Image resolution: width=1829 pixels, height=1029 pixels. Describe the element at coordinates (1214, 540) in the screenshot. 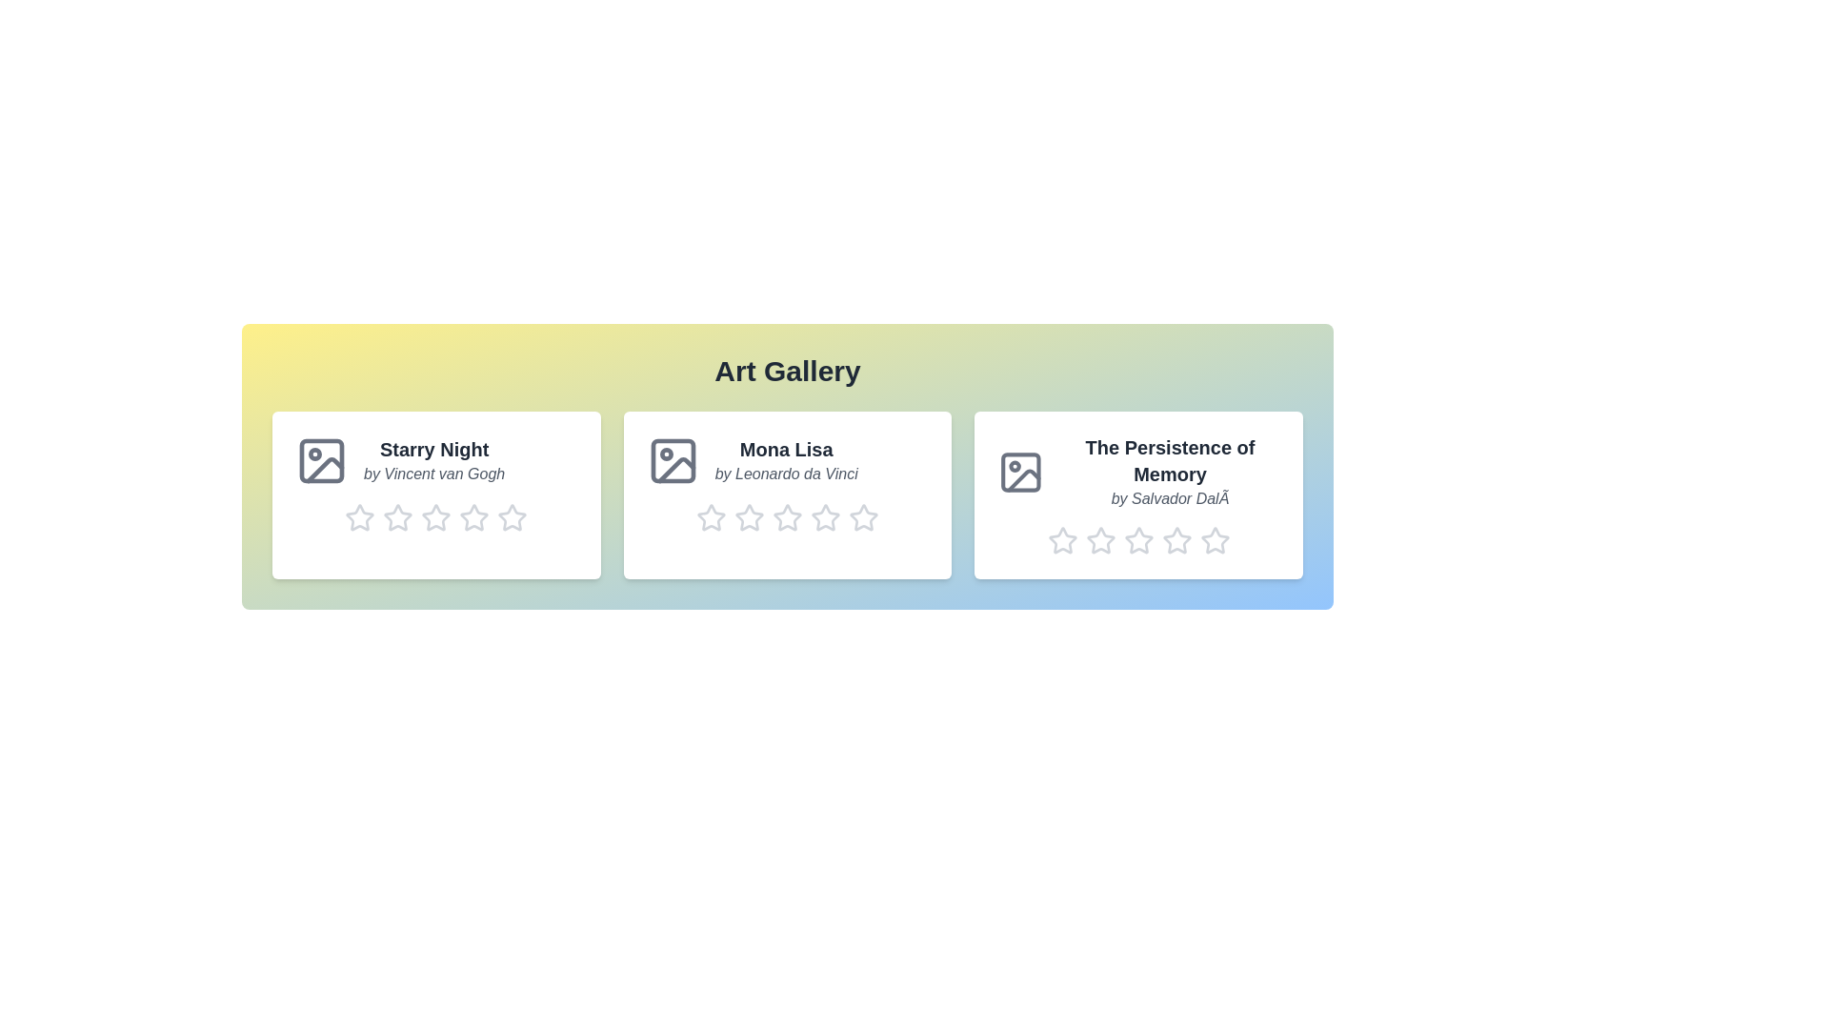

I see `the rating for the artwork 'The Persistence of Memory' to 5 stars` at that location.